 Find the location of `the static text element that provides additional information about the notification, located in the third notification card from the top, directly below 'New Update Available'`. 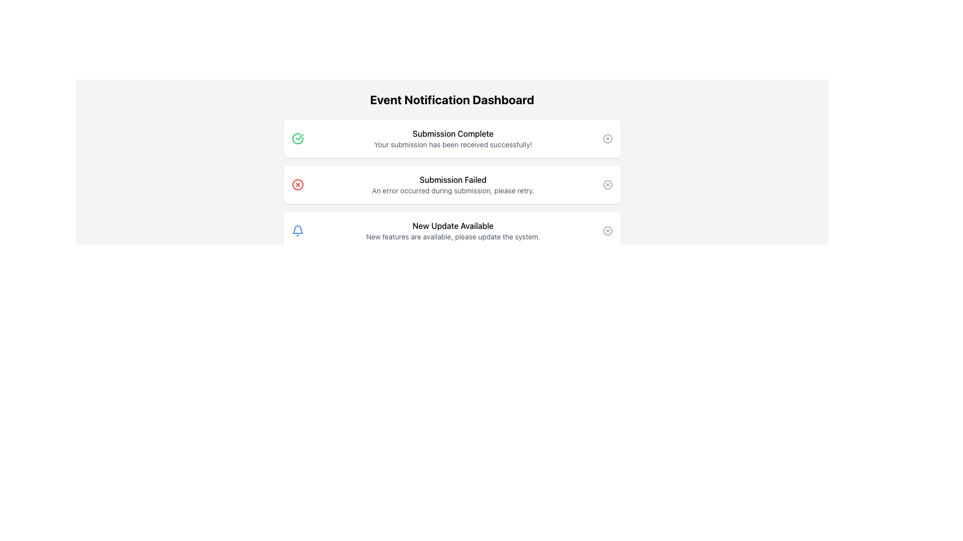

the static text element that provides additional information about the notification, located in the third notification card from the top, directly below 'New Update Available' is located at coordinates (452, 237).